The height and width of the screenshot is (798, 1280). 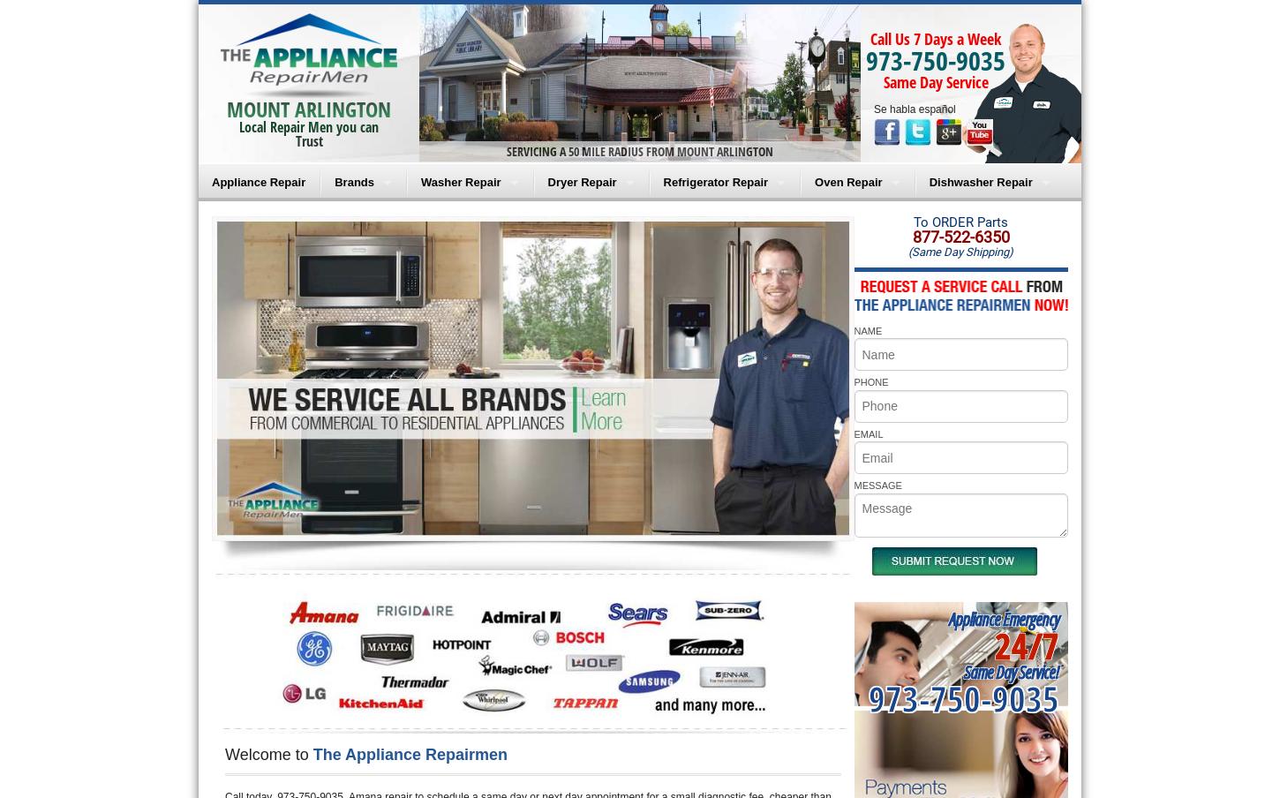 What do you see at coordinates (1010, 671) in the screenshot?
I see `'Same Day Service!'` at bounding box center [1010, 671].